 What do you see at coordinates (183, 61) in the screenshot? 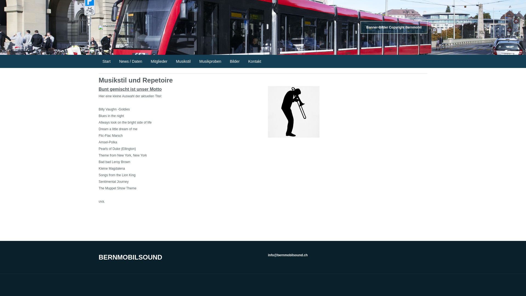
I see `'Musikstil'` at bounding box center [183, 61].